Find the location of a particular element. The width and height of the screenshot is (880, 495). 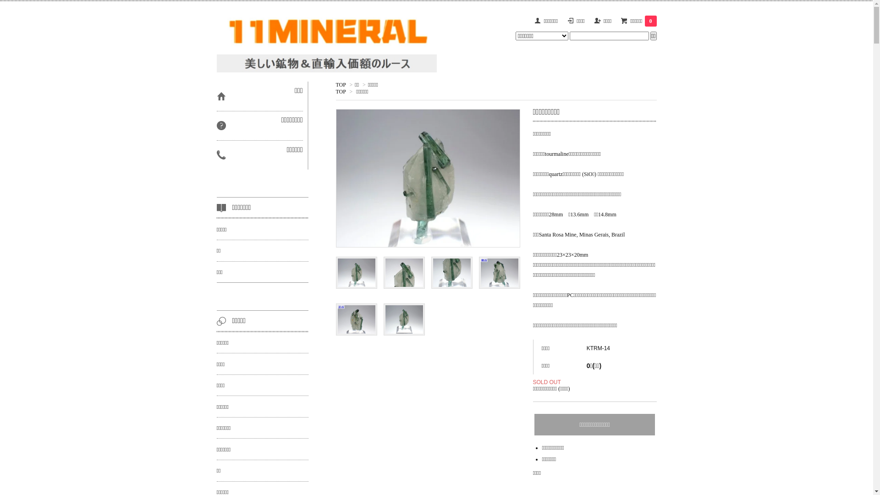

'TOP' is located at coordinates (340, 85).